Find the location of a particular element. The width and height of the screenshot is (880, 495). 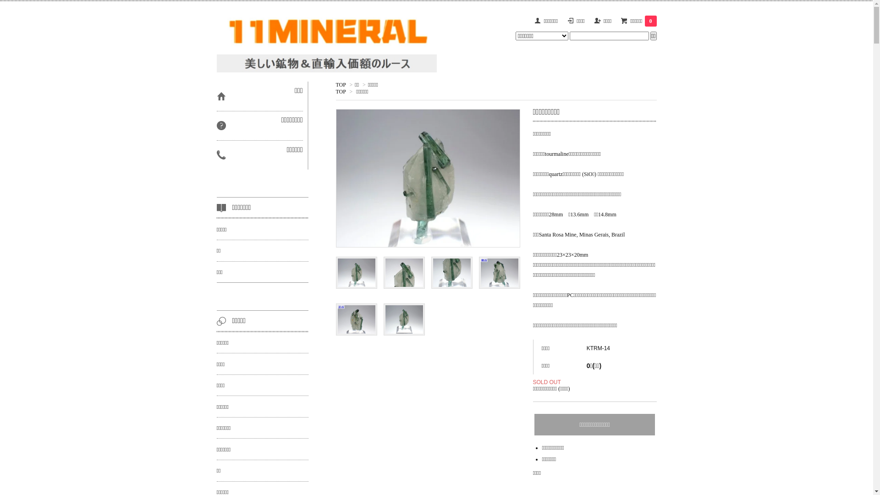

'TOP' is located at coordinates (340, 85).